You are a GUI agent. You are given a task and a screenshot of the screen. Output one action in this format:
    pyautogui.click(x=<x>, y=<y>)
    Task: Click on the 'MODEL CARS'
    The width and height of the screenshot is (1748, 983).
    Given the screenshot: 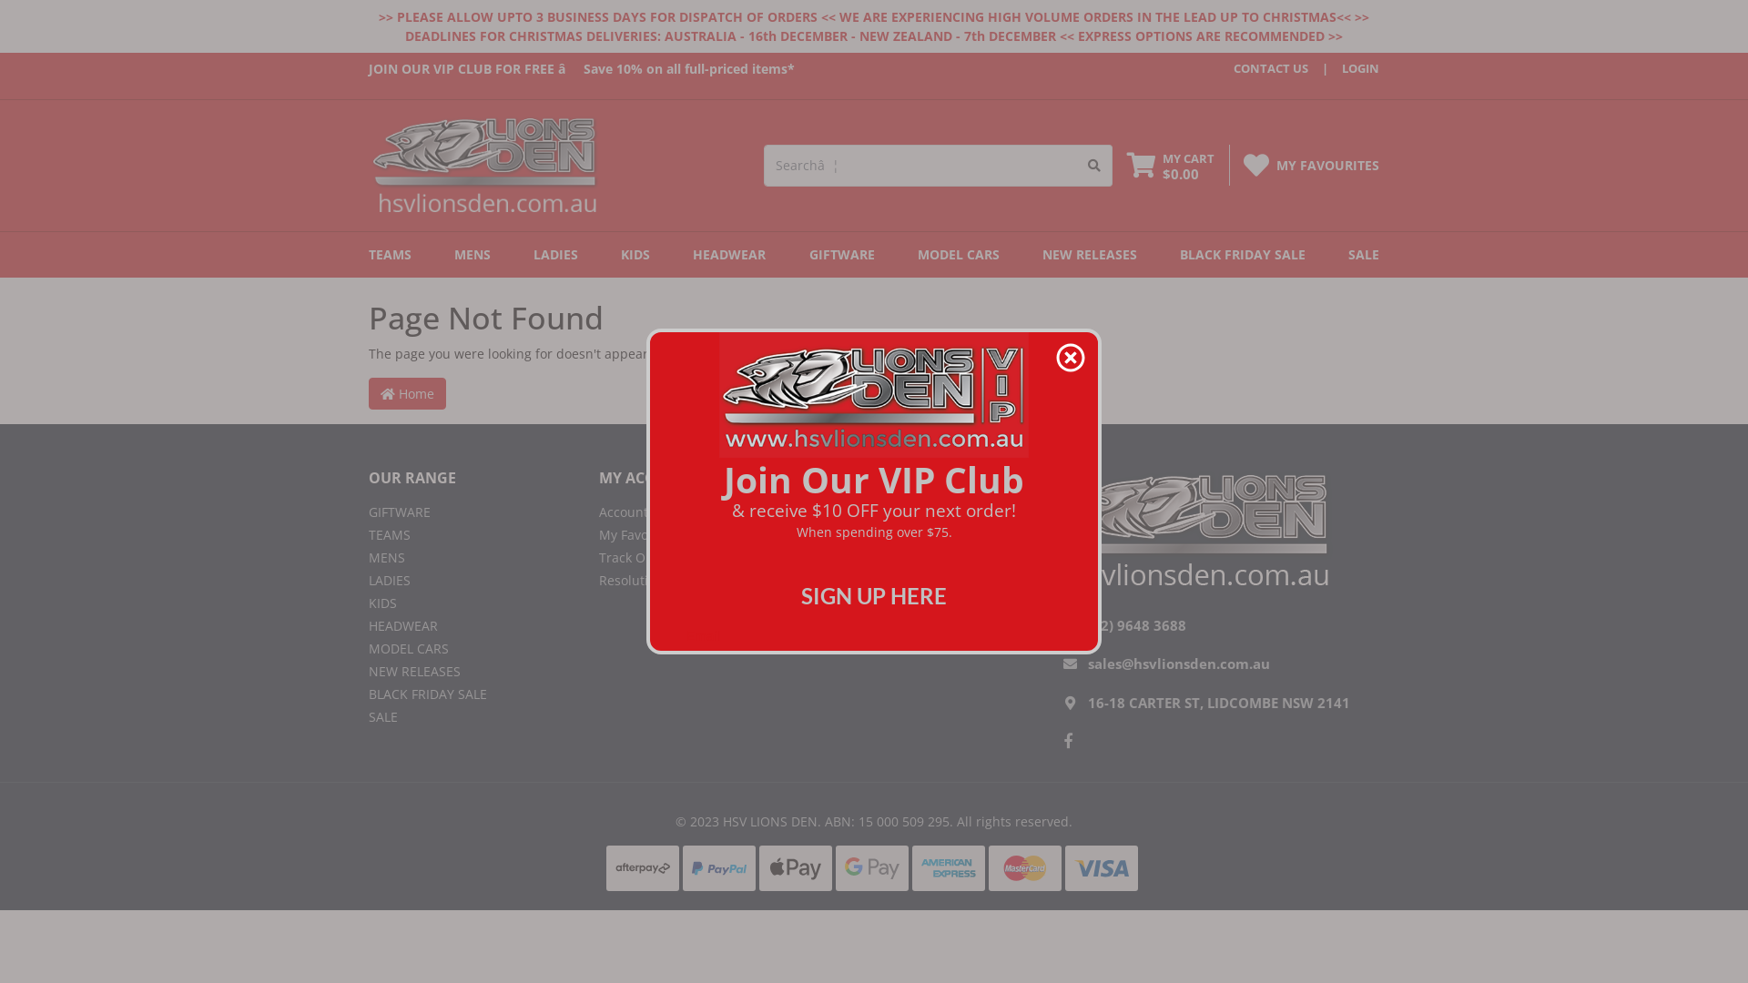 What is the action you would take?
    pyautogui.click(x=470, y=647)
    